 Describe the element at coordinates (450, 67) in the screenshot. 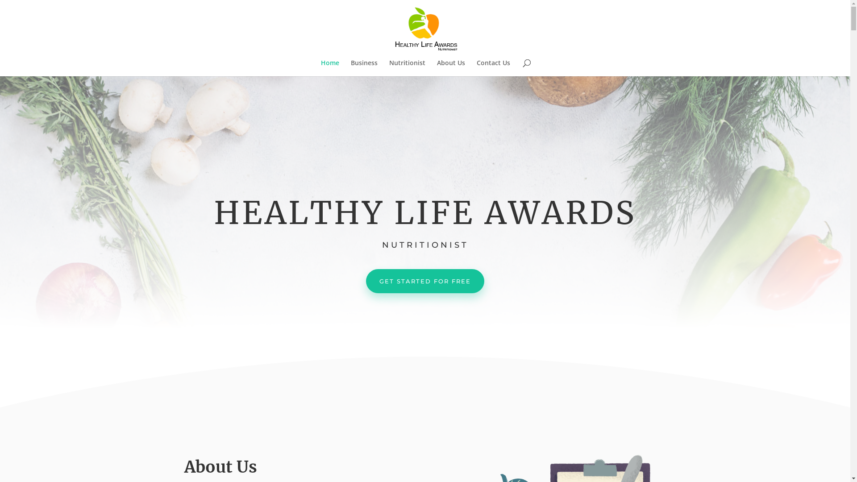

I see `'About Us'` at that location.